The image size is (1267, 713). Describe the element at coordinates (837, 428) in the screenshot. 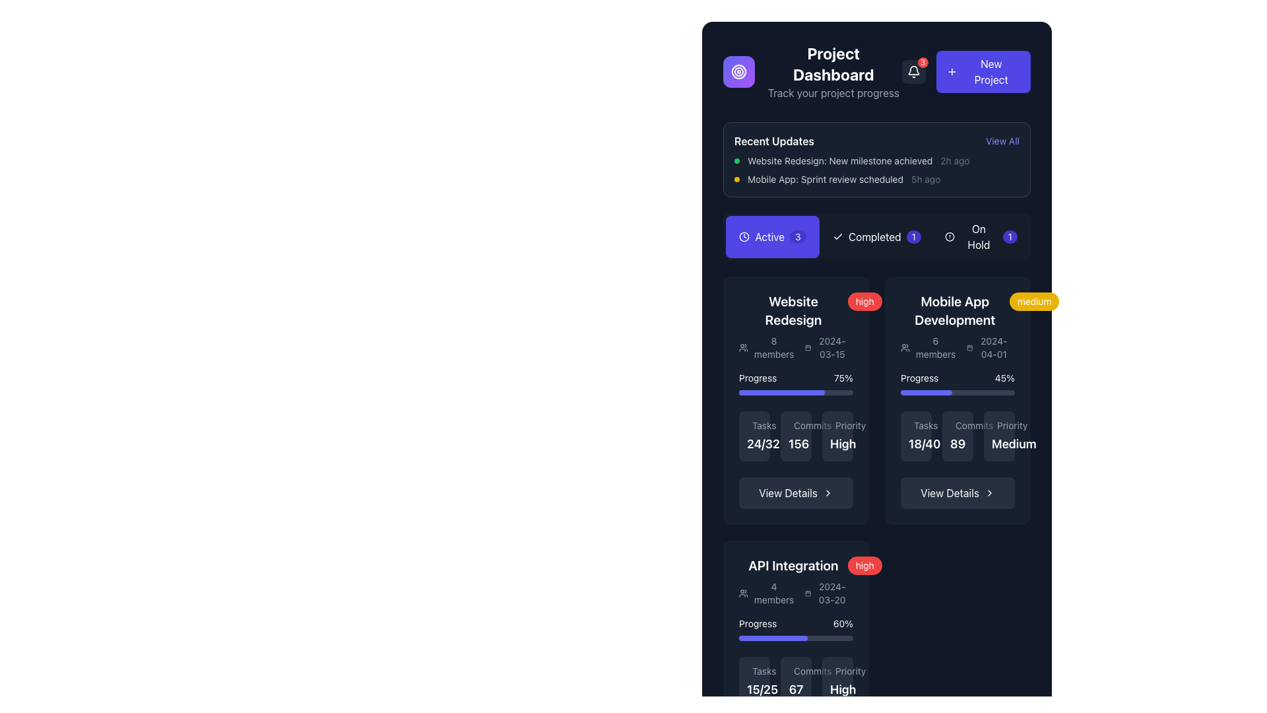

I see `the priority icon within the 'Website Redesign' card that signifies the priority level of the task` at that location.